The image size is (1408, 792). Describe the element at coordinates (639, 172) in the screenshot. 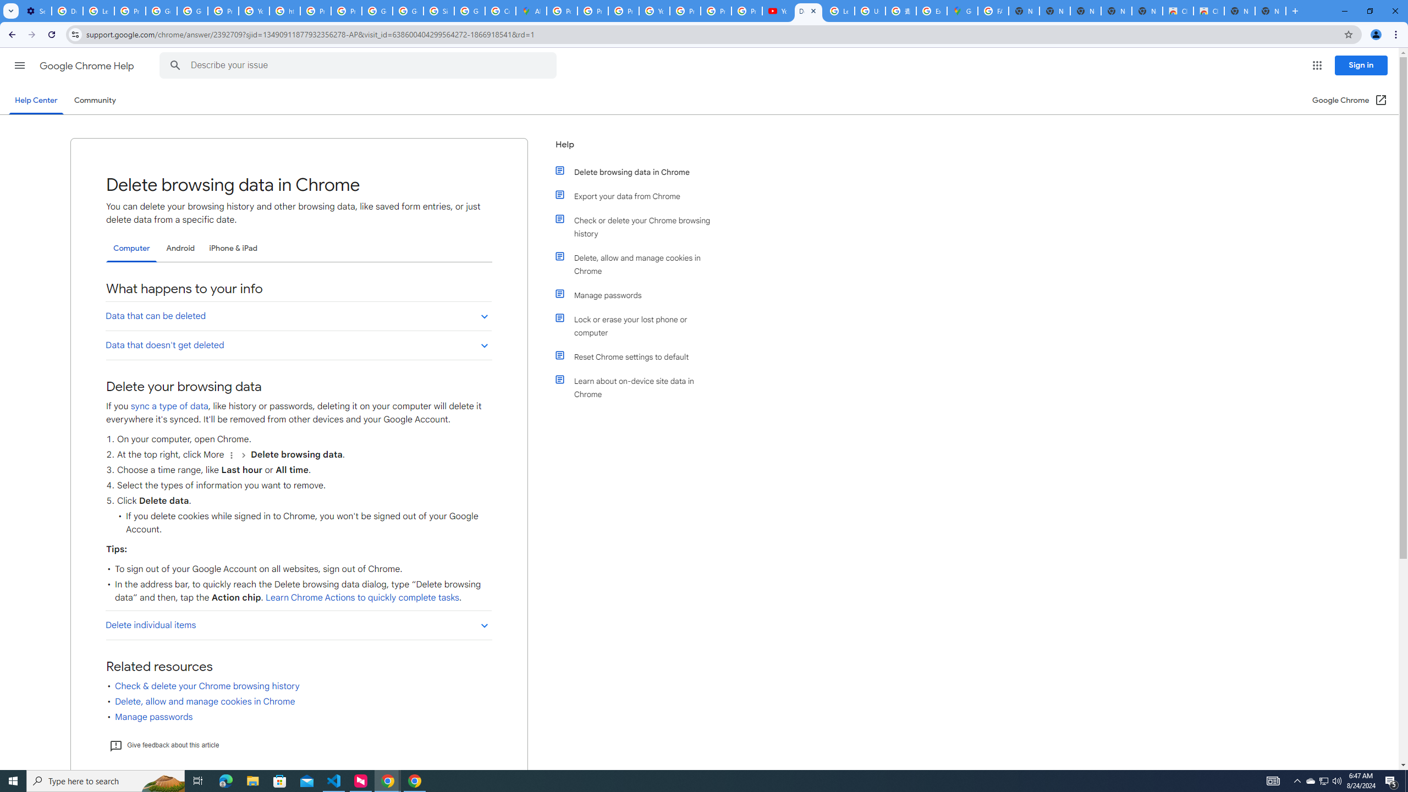

I see `'Delete browsing data in Chrome'` at that location.